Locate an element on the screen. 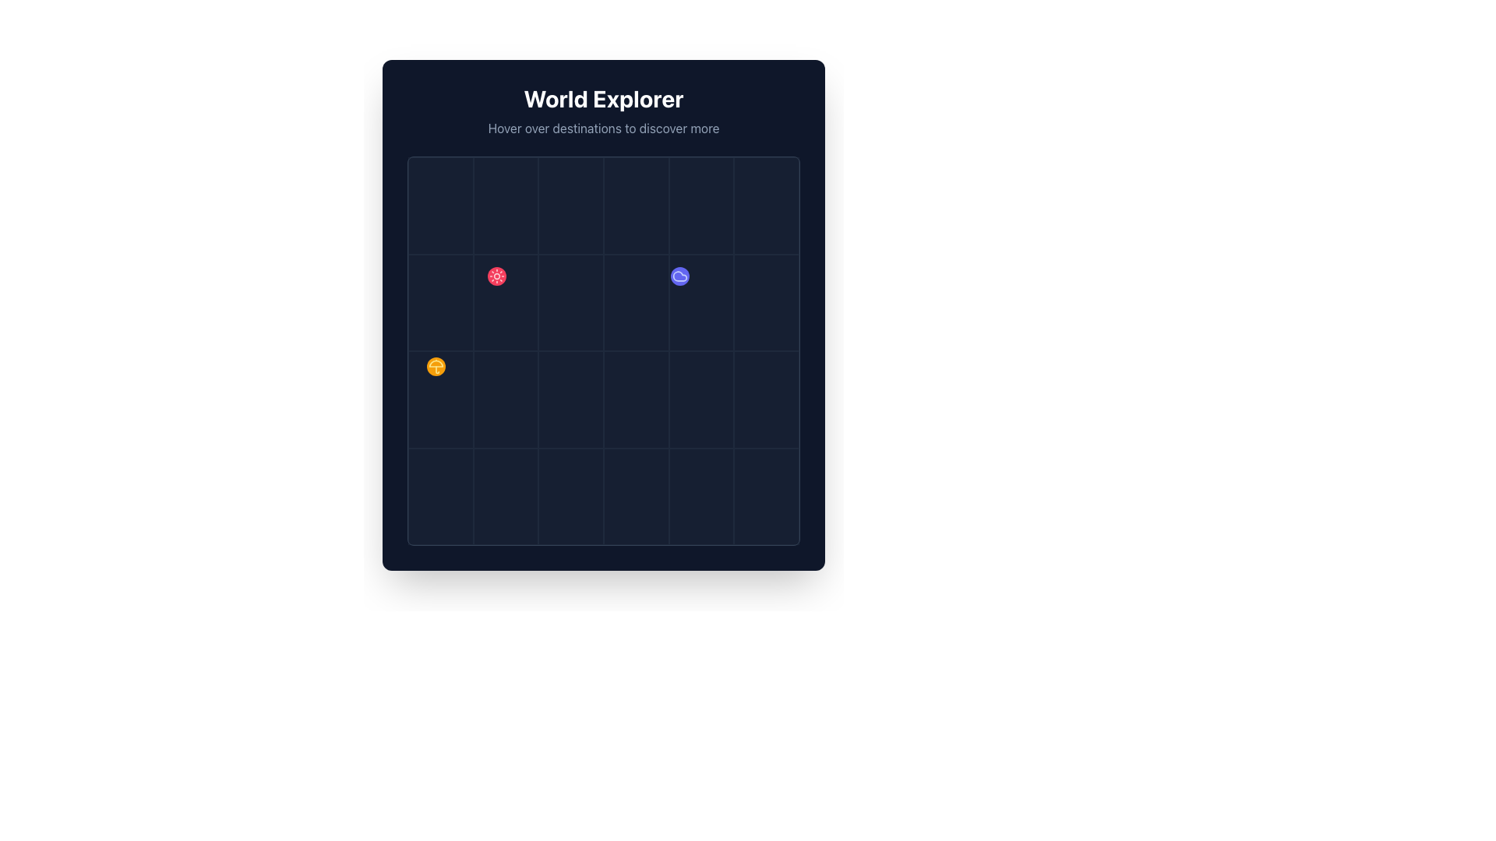 The width and height of the screenshot is (1496, 841). the static grid cell located in the first row and fourth column of the grid within the 'World Explorer' frame to interact is located at coordinates (636, 205).